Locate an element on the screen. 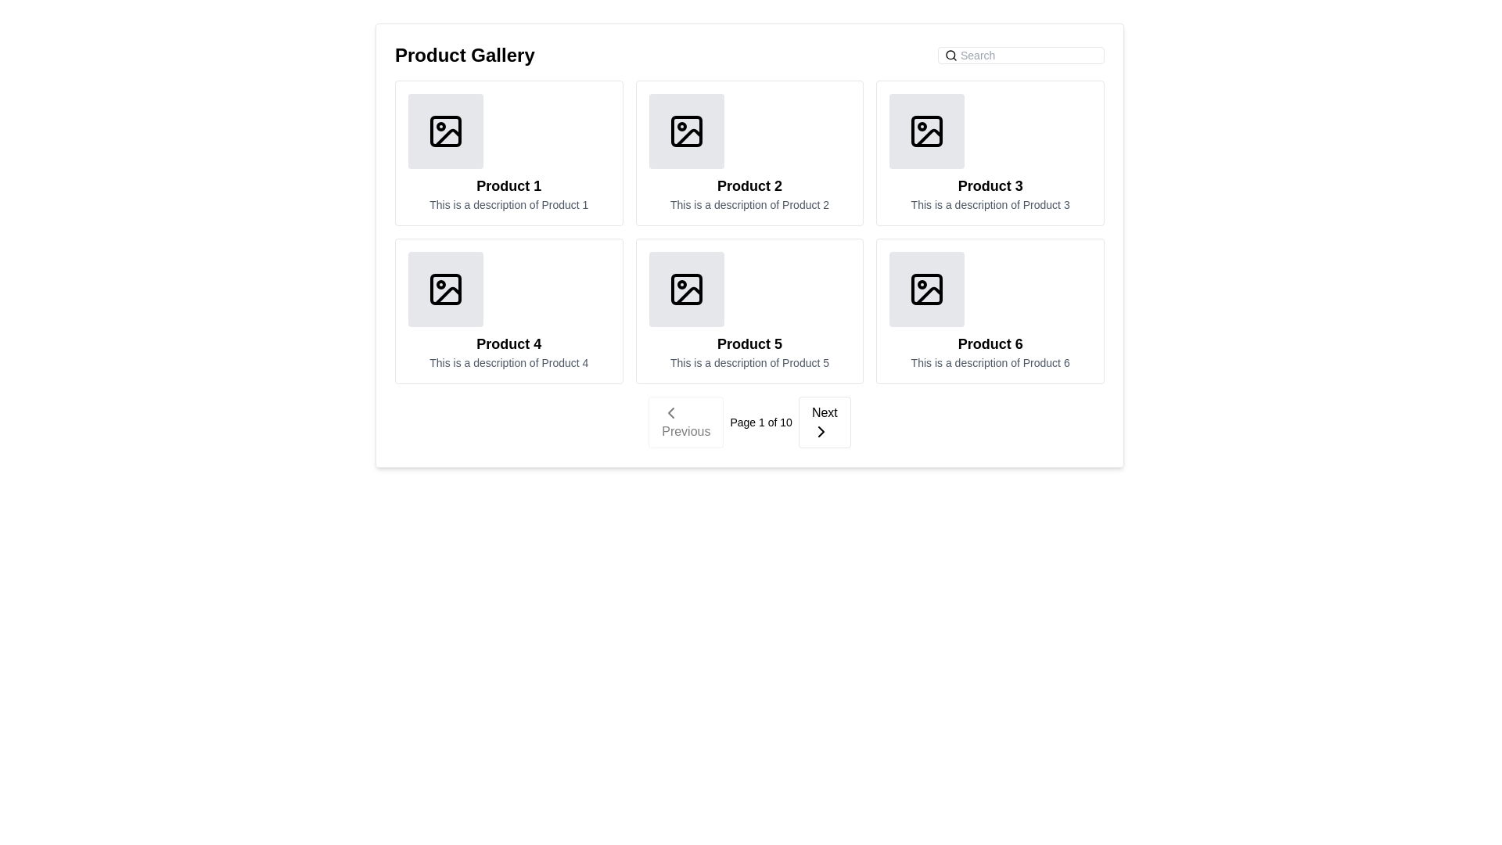  the gray square box with rounded corners that serves as an image placeholder icon, featuring a black outline of a landscape with a sun, located in the 'Product Gallery' section above the 'Product 1' text is located at coordinates (445, 131).